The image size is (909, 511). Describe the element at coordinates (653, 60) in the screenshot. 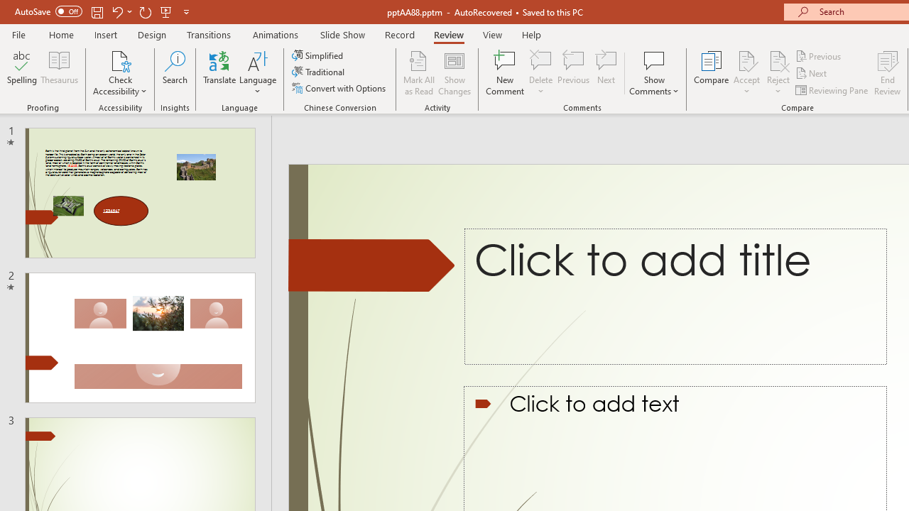

I see `'Show Comments'` at that location.